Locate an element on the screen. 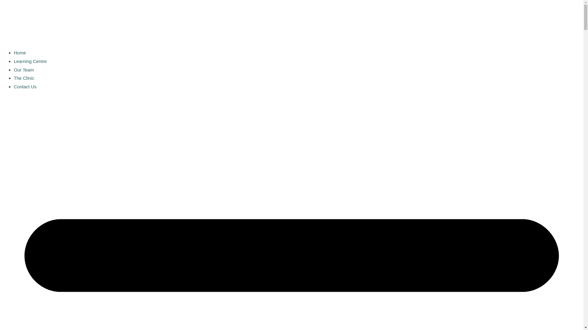 The height and width of the screenshot is (330, 588). 'Our Team' is located at coordinates (24, 69).